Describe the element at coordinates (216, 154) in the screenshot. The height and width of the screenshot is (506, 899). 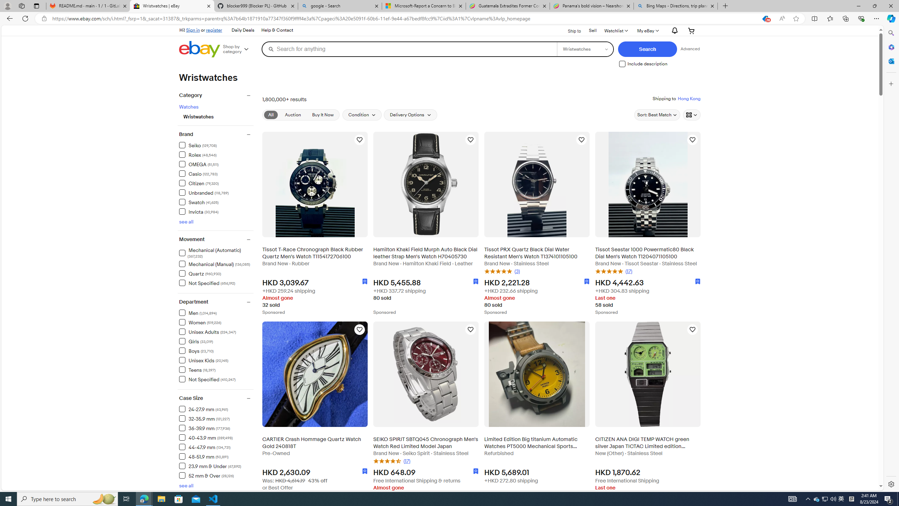
I see `'Rolex(48,546) Items'` at that location.